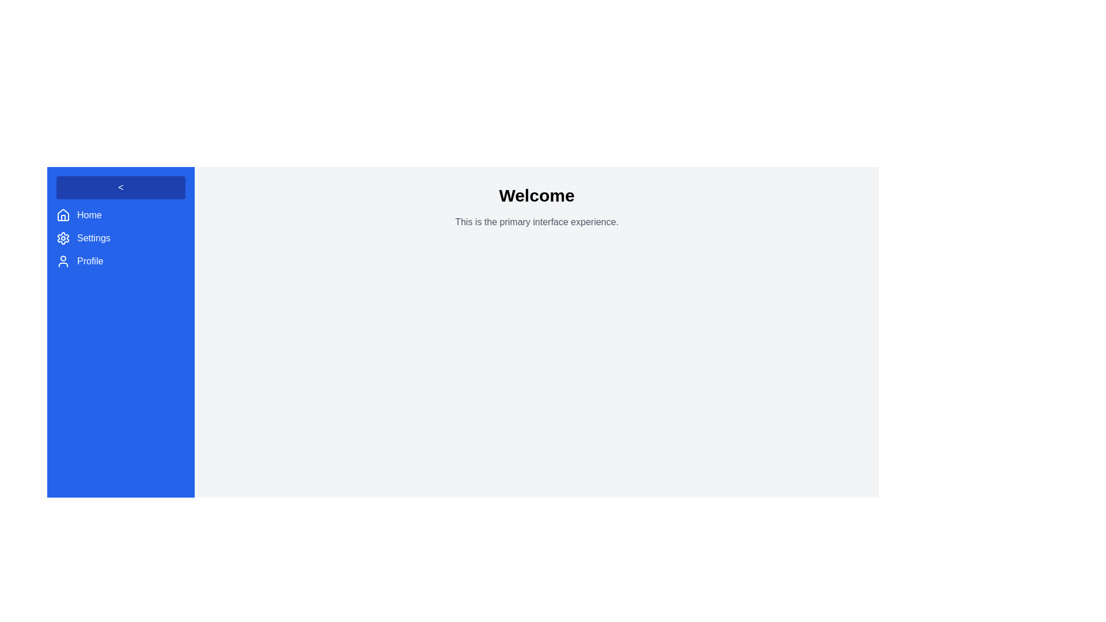 This screenshot has width=1106, height=622. I want to click on the 'Settings' icon in the left sidebar, which is the second icon in the vertical list of options adjacent to the text labeled 'Settings', so click(63, 237).